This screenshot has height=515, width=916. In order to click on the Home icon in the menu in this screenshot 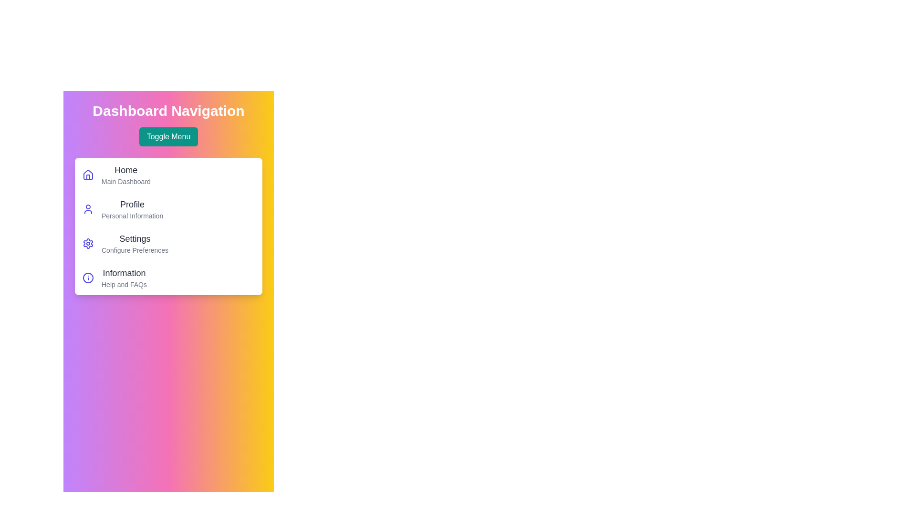, I will do `click(88, 175)`.